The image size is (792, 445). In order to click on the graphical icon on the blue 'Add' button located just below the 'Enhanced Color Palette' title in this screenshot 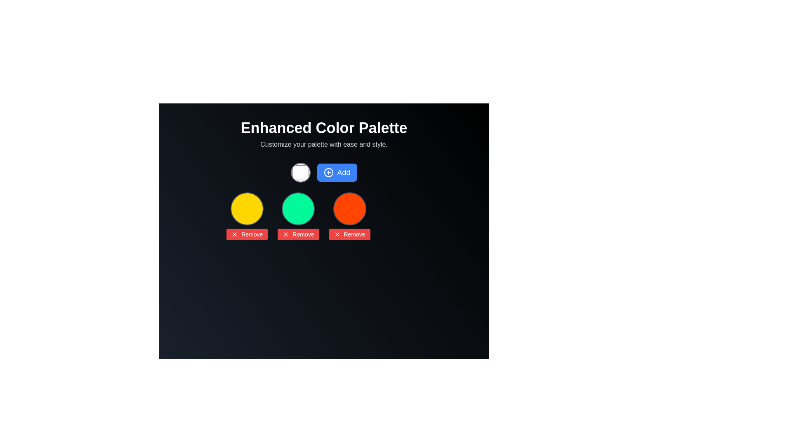, I will do `click(328, 172)`.